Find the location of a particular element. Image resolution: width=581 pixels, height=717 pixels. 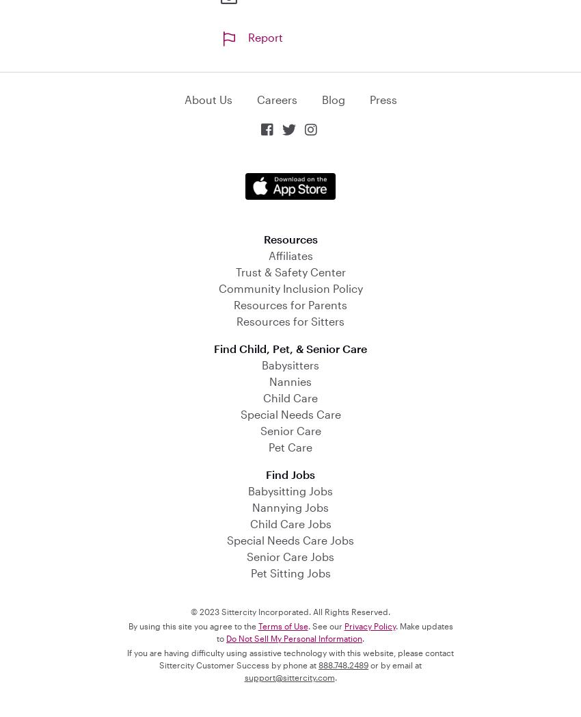

'Find Jobs' is located at coordinates (290, 473).